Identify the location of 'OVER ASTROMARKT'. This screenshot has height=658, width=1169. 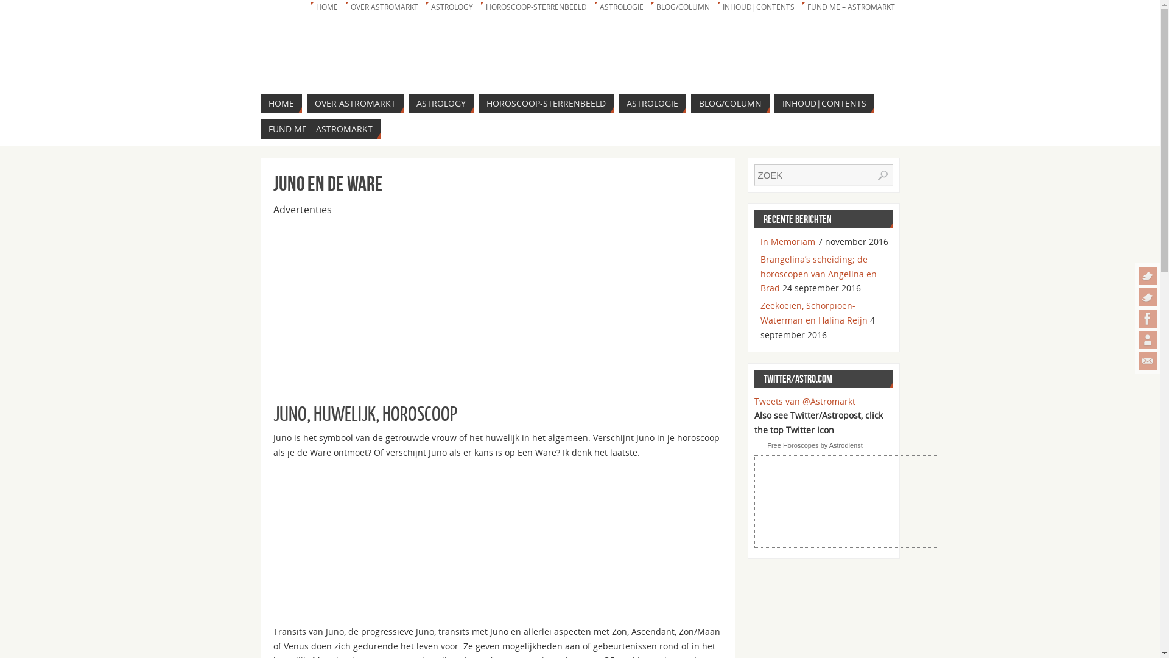
(354, 102).